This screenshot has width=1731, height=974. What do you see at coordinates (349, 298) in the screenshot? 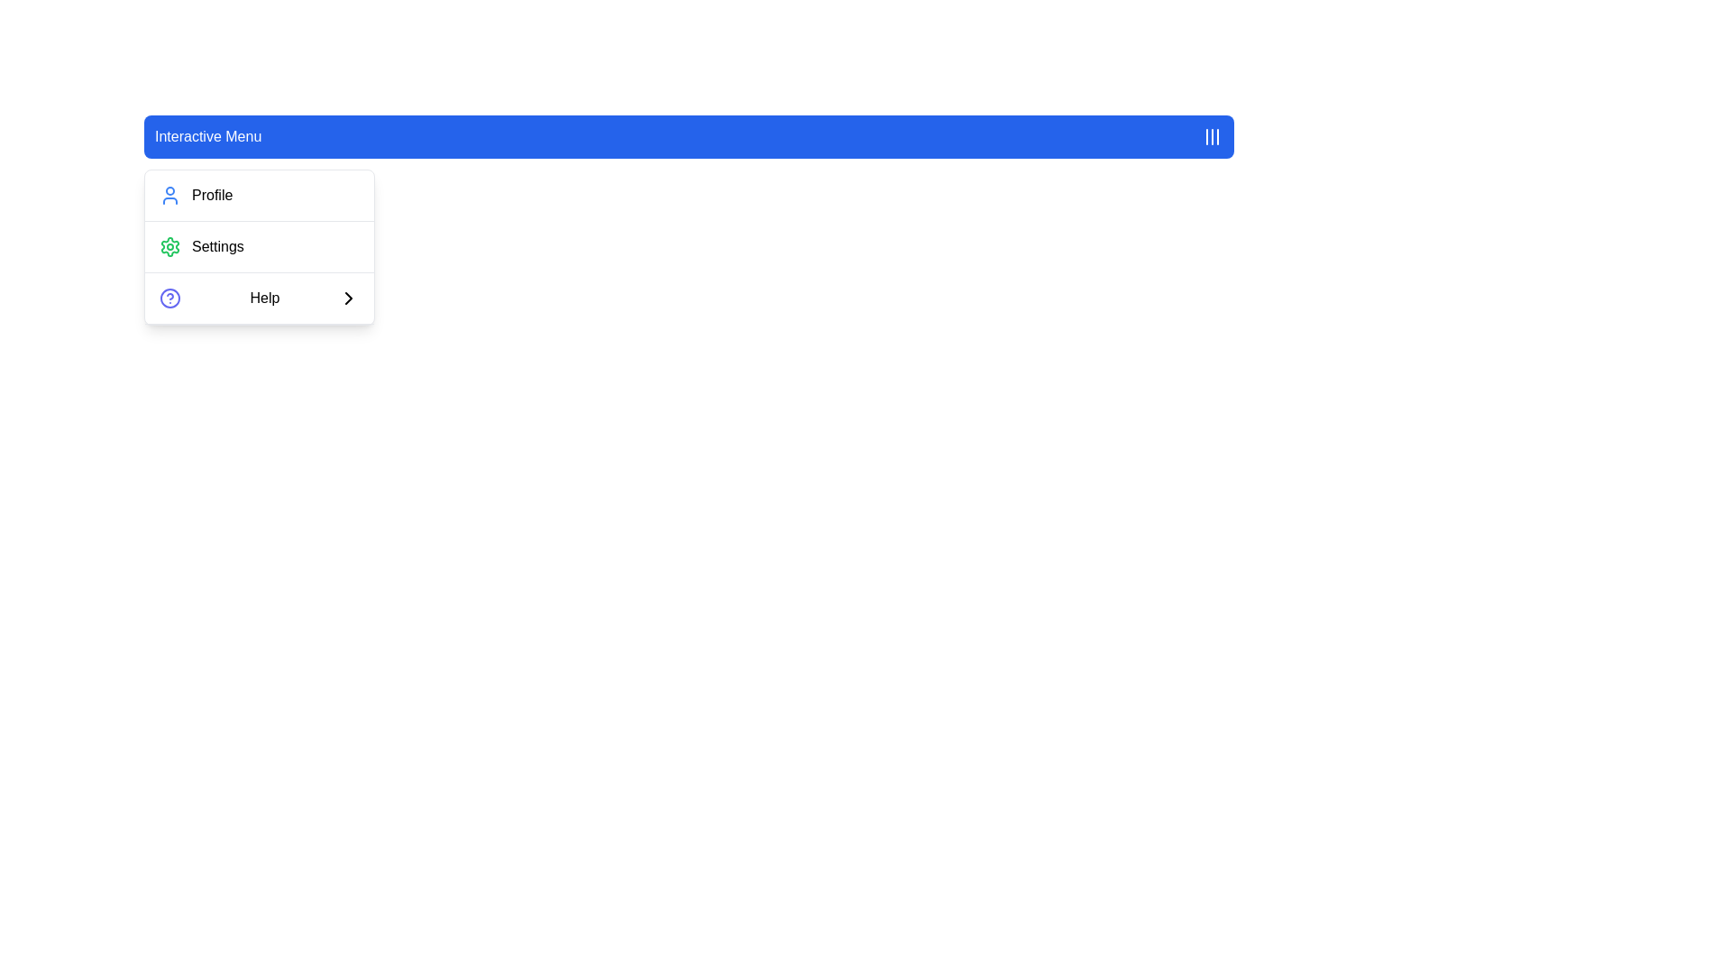
I see `the rightward-pointing chevron icon located to the right of the 'Help' text in the vertical navigation menu` at bounding box center [349, 298].